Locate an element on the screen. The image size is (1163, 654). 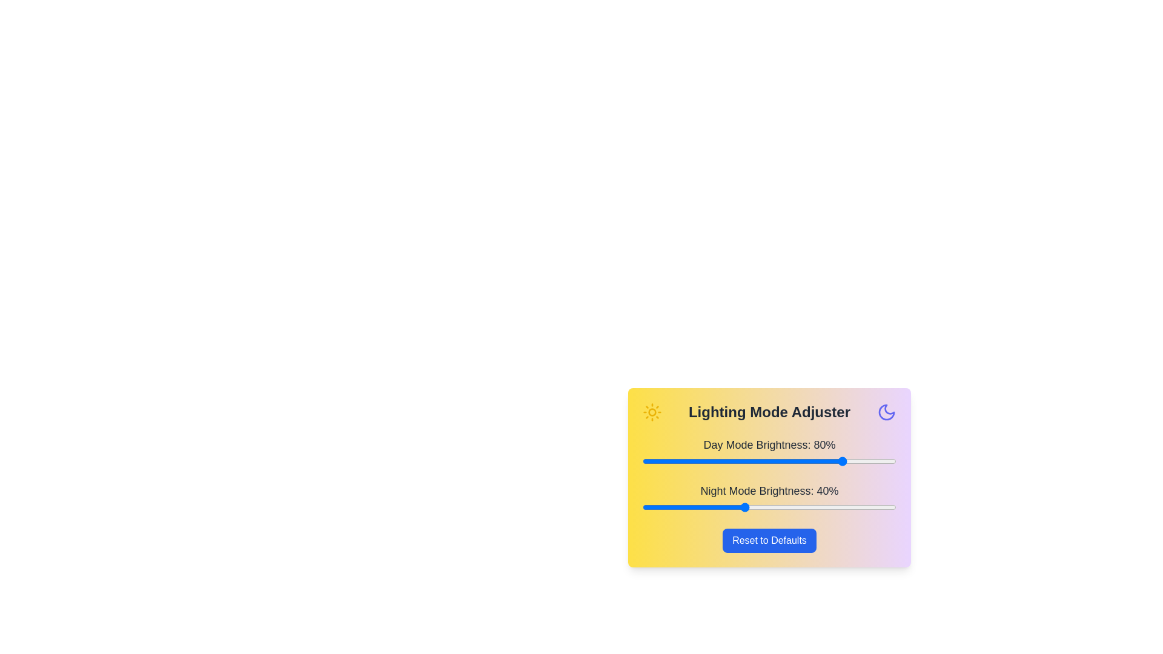
the day mode brightness slider to 58% is located at coordinates (790, 461).